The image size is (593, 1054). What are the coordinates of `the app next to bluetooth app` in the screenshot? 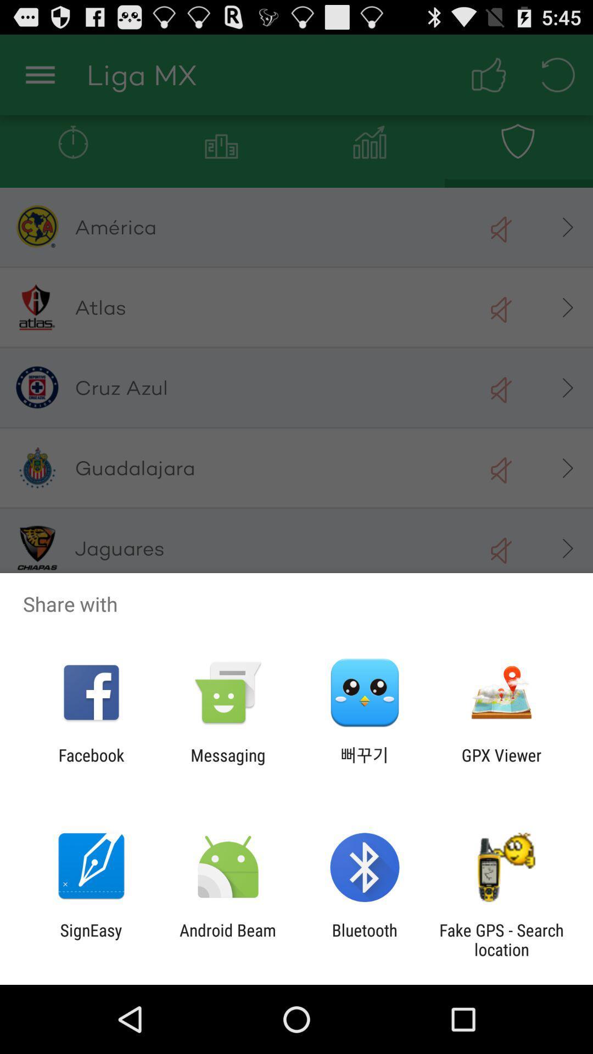 It's located at (227, 939).